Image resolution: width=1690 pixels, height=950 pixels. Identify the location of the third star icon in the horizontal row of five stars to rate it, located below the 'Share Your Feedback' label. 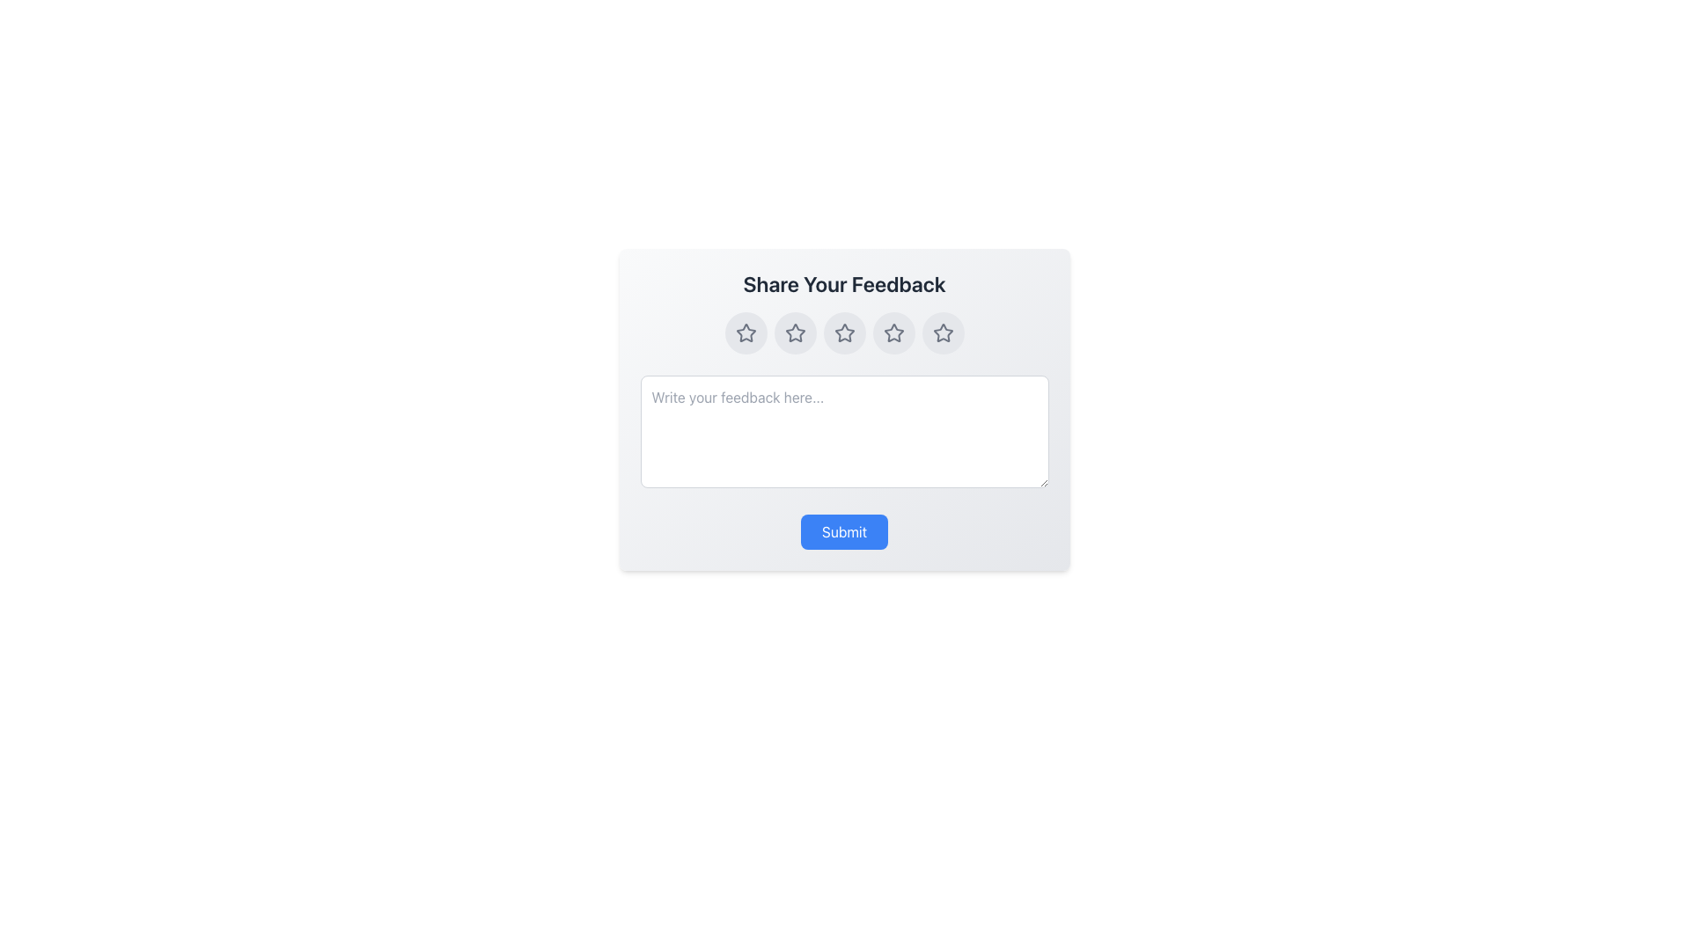
(843, 332).